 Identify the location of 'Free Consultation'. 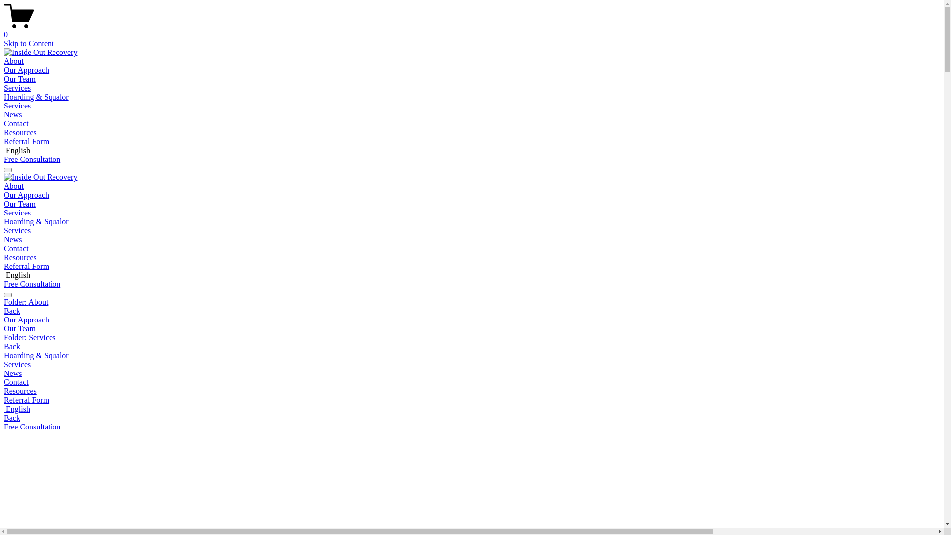
(32, 426).